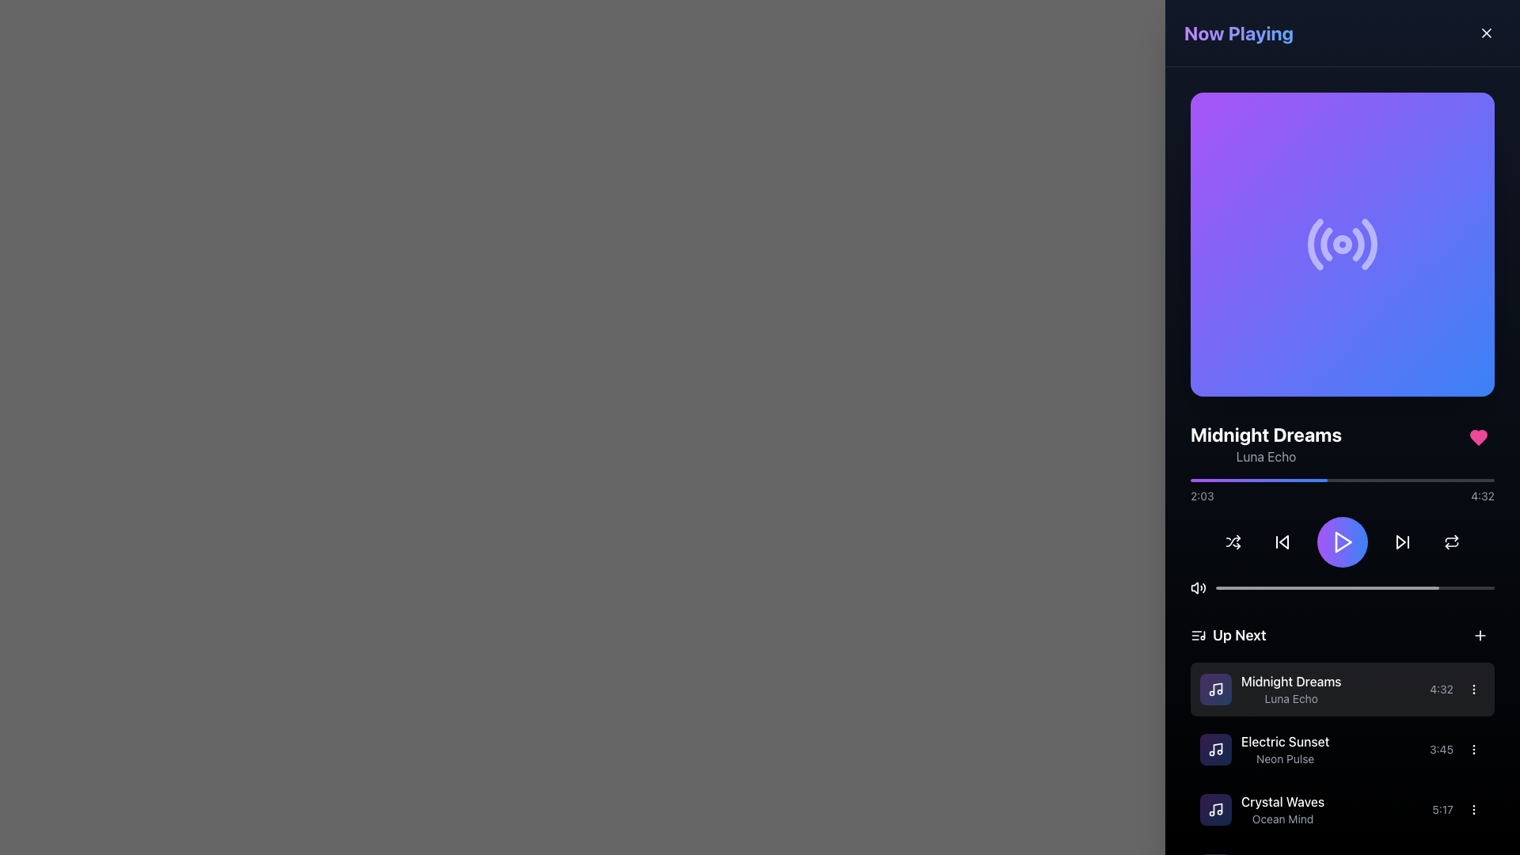  What do you see at coordinates (1265, 434) in the screenshot?
I see `the text label indicating the title of the currently playing media in the 'Now Playing' section` at bounding box center [1265, 434].